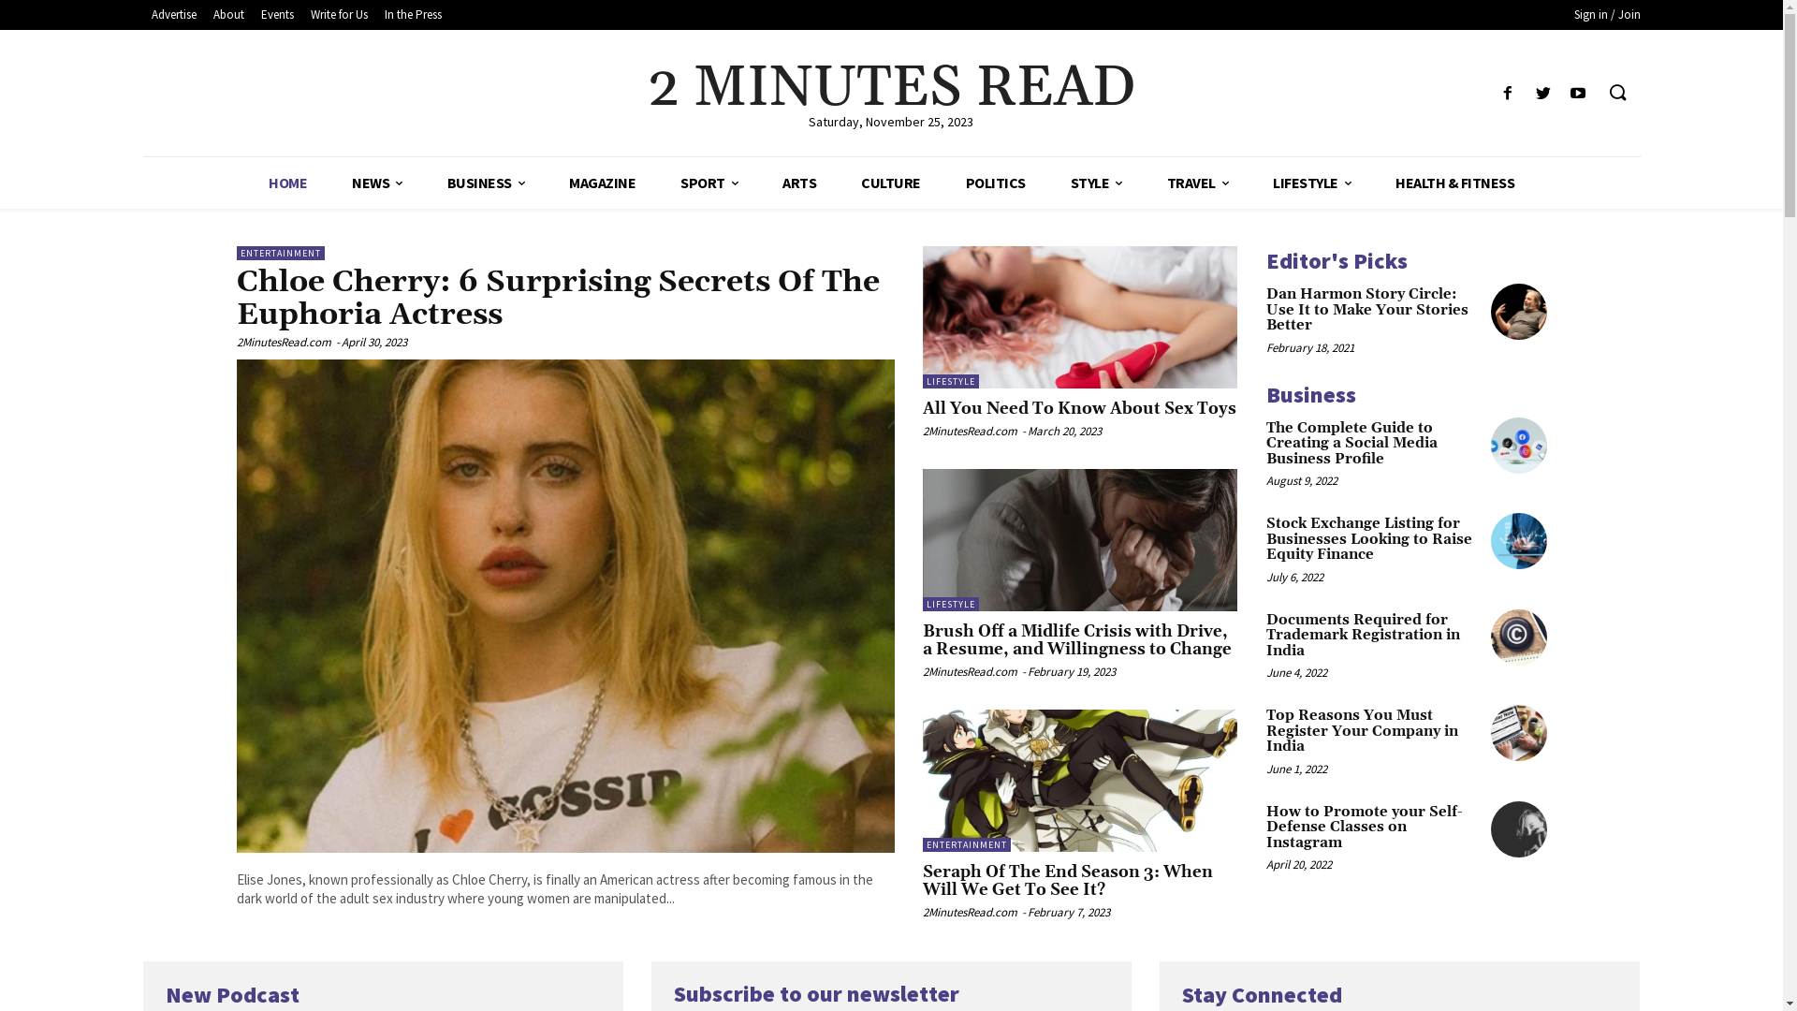 The height and width of the screenshot is (1011, 1797). What do you see at coordinates (1366, 309) in the screenshot?
I see `'Dan Harmon Story Circle: Use It to Make Your Stories Better'` at bounding box center [1366, 309].